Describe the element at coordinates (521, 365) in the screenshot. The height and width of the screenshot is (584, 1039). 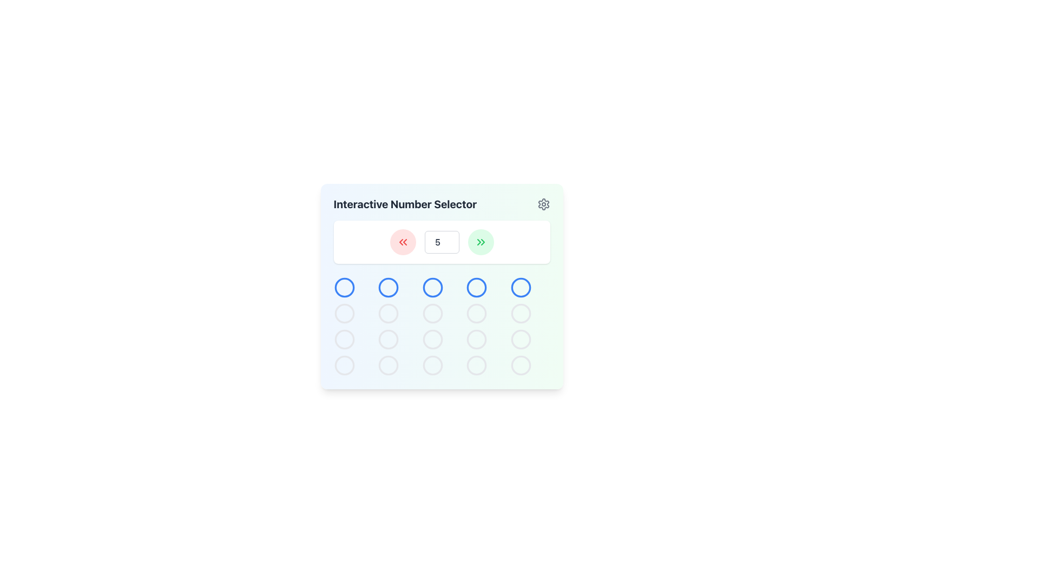
I see `the gray circular indicator located in the bottom-right corner of the grid, specifically the last element in the fifth column and fifth row` at that location.